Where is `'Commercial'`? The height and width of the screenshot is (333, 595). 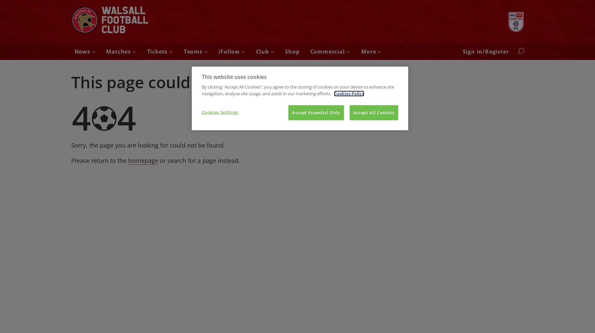 'Commercial' is located at coordinates (328, 52).